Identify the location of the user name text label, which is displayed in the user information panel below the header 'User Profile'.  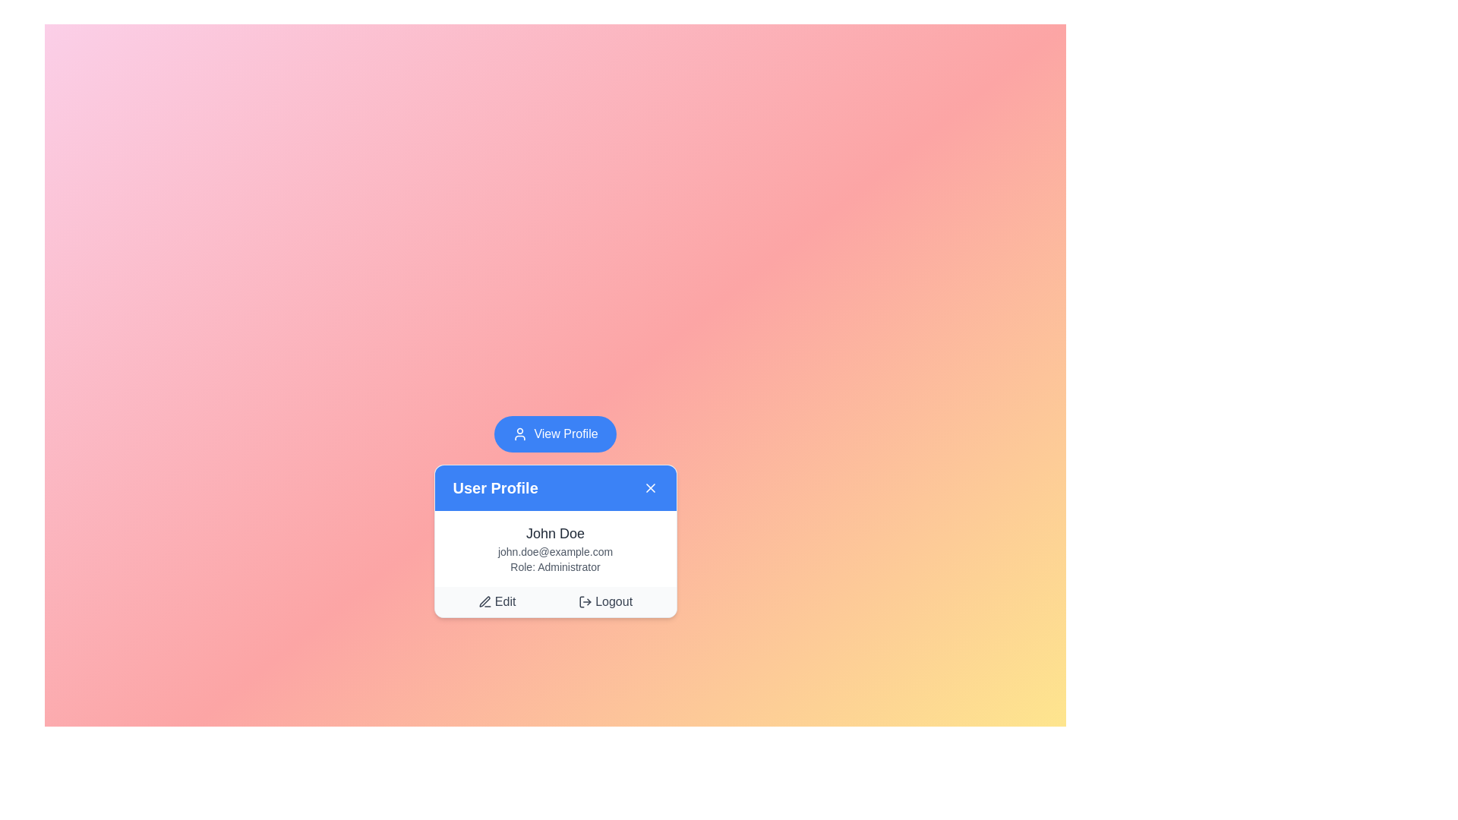
(554, 532).